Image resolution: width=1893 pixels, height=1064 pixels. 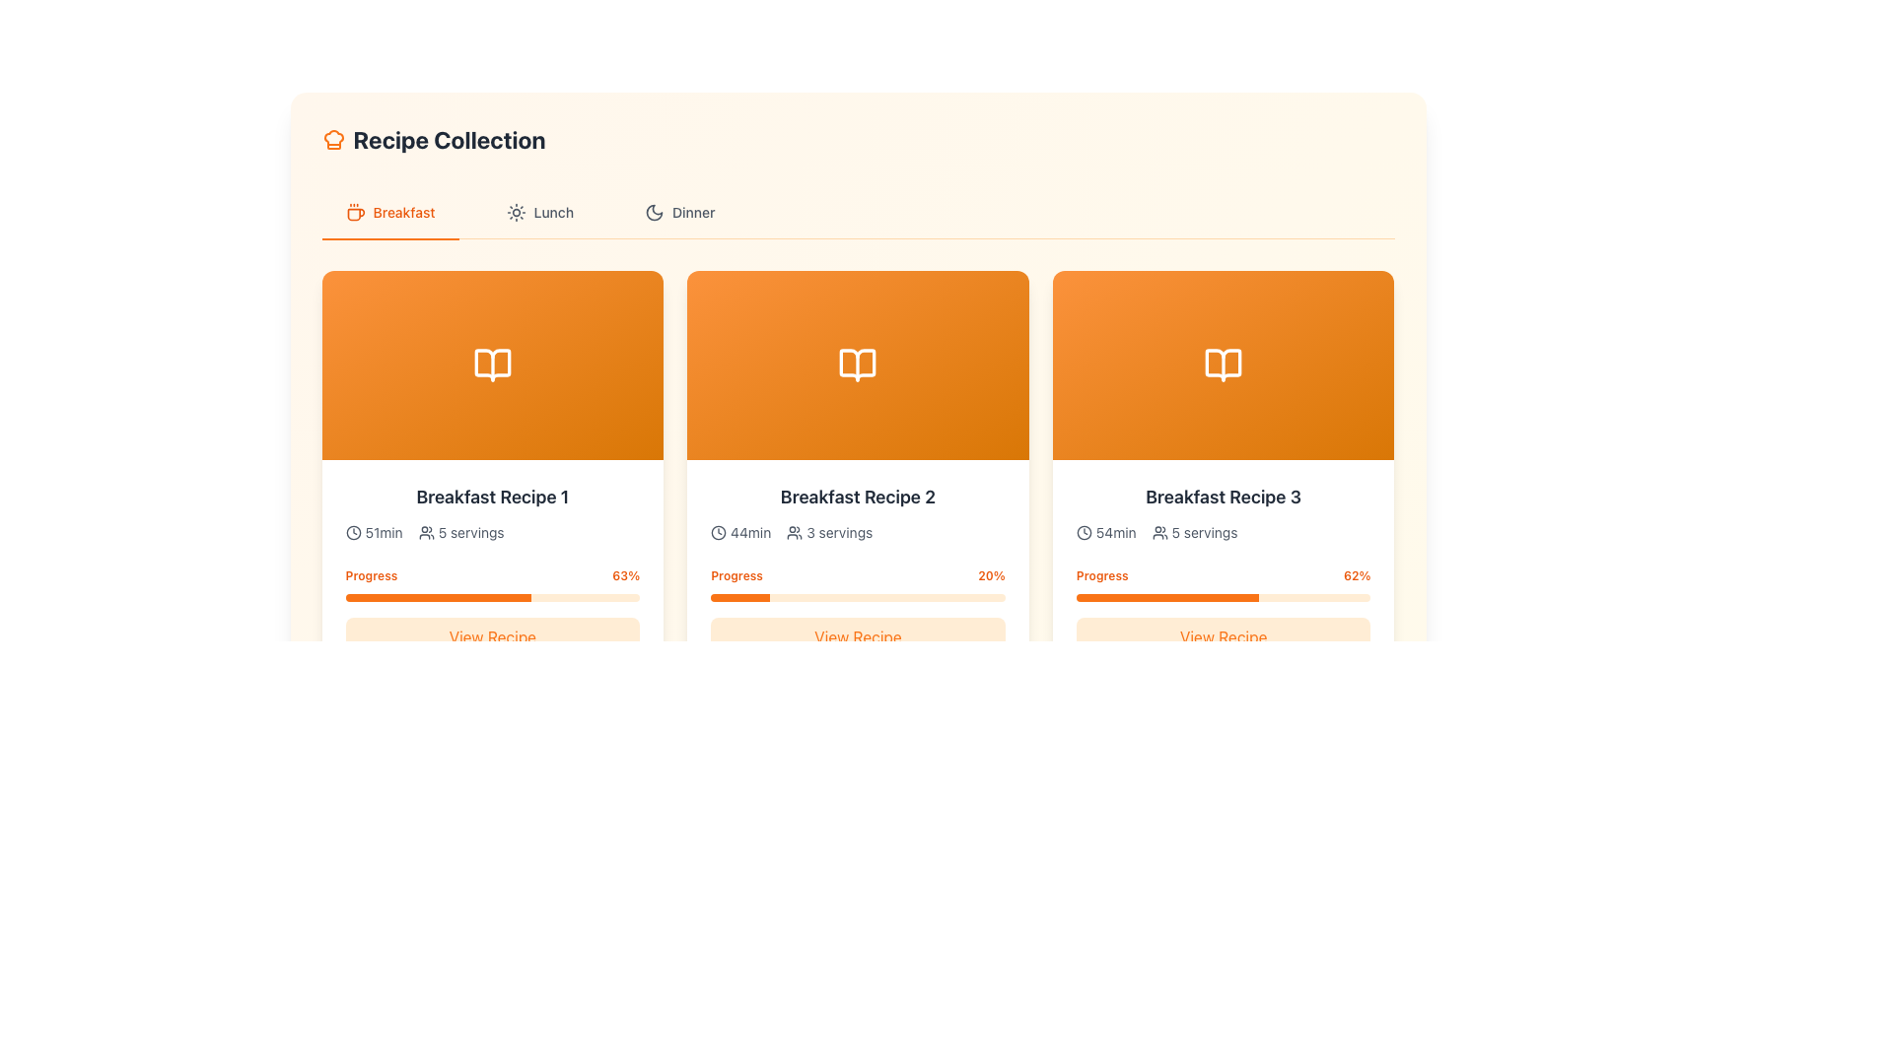 What do you see at coordinates (1106, 532) in the screenshot?
I see `the informational text element displaying a clock icon followed by '54min' located at the top-left of the 'Breakfast Recipe 3' card` at bounding box center [1106, 532].